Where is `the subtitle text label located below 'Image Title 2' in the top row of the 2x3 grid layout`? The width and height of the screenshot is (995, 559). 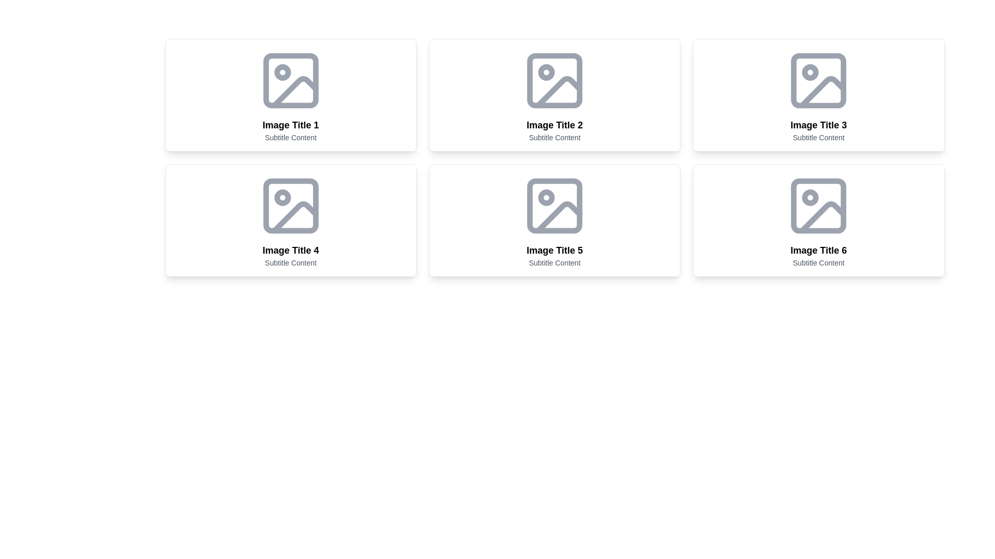 the subtitle text label located below 'Image Title 2' in the top row of the 2x3 grid layout is located at coordinates (554, 137).